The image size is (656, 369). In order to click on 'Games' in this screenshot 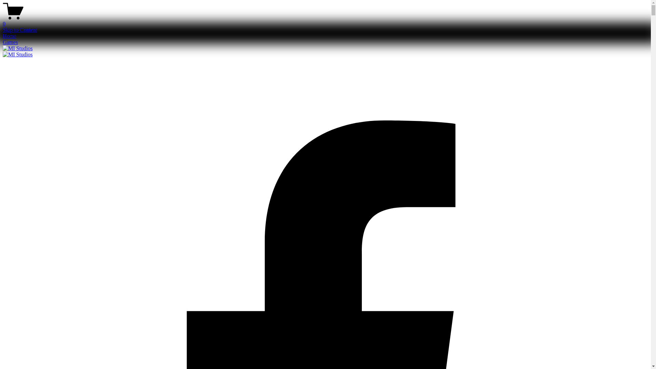, I will do `click(10, 42)`.